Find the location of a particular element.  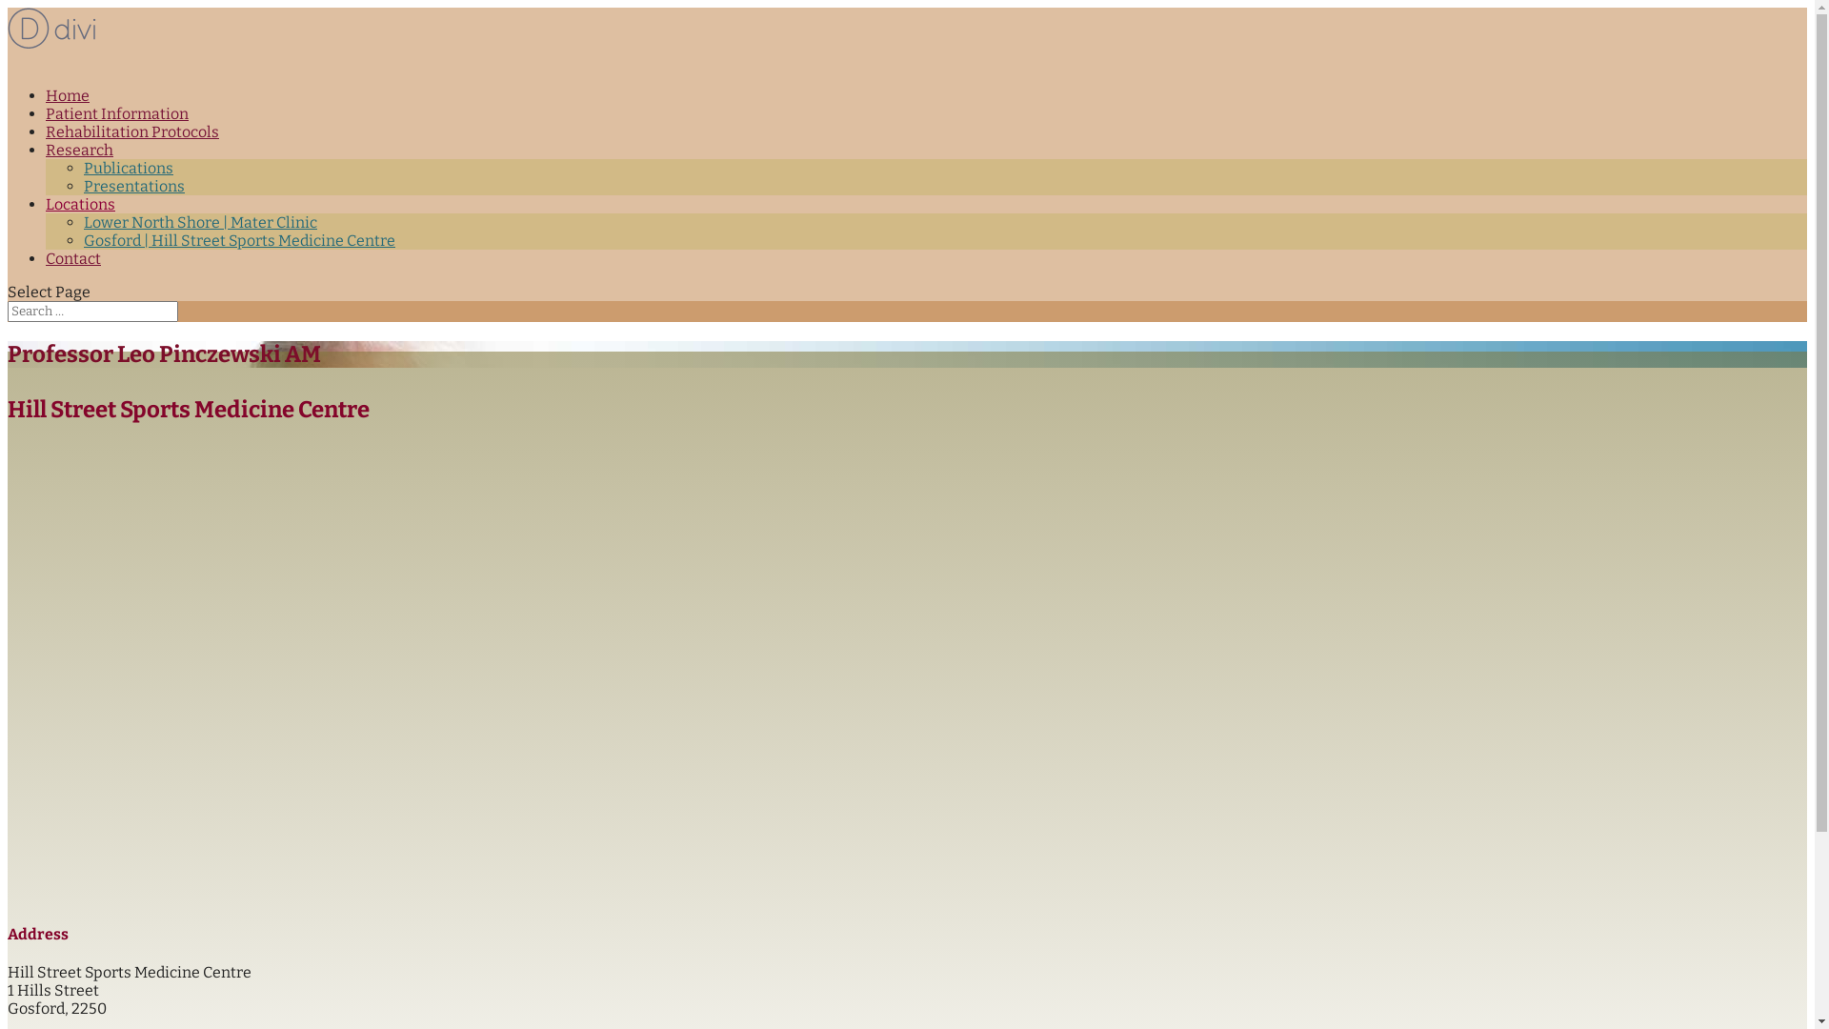

'Rehabilitation Protocols' is located at coordinates (46, 140).